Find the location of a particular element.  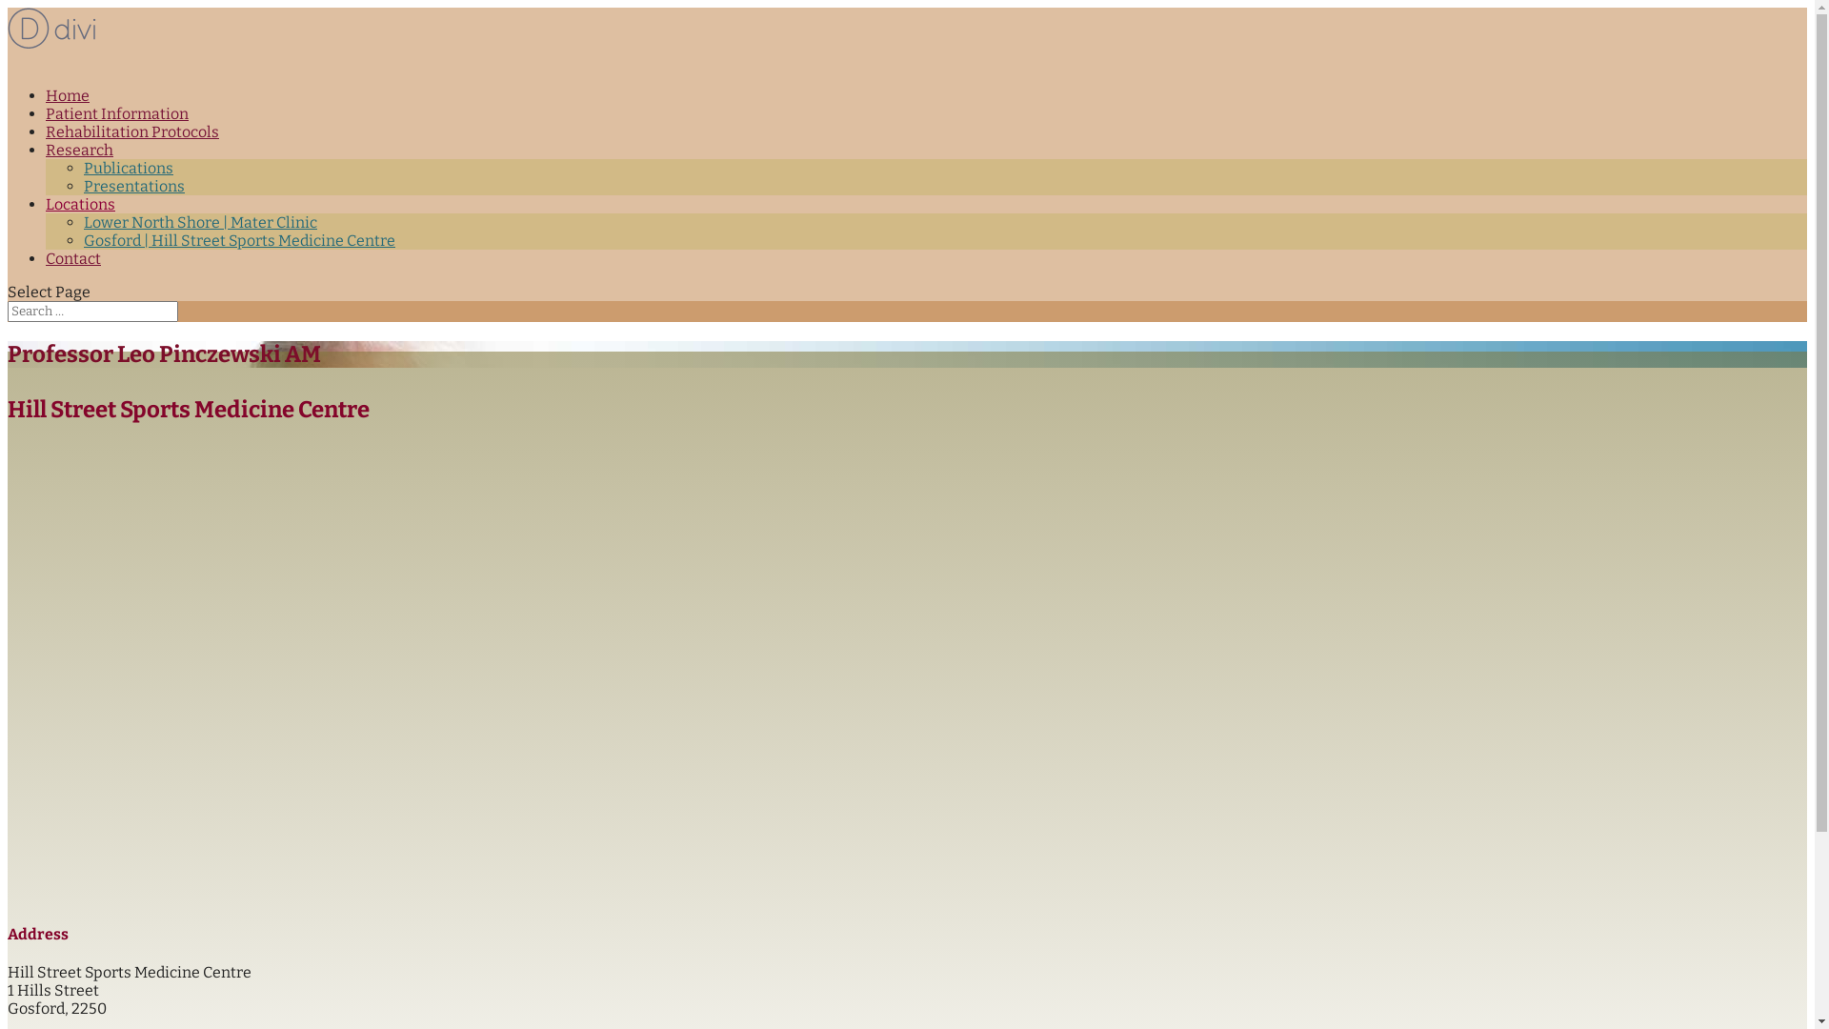

'Rehabilitation Protocols' is located at coordinates (46, 140).